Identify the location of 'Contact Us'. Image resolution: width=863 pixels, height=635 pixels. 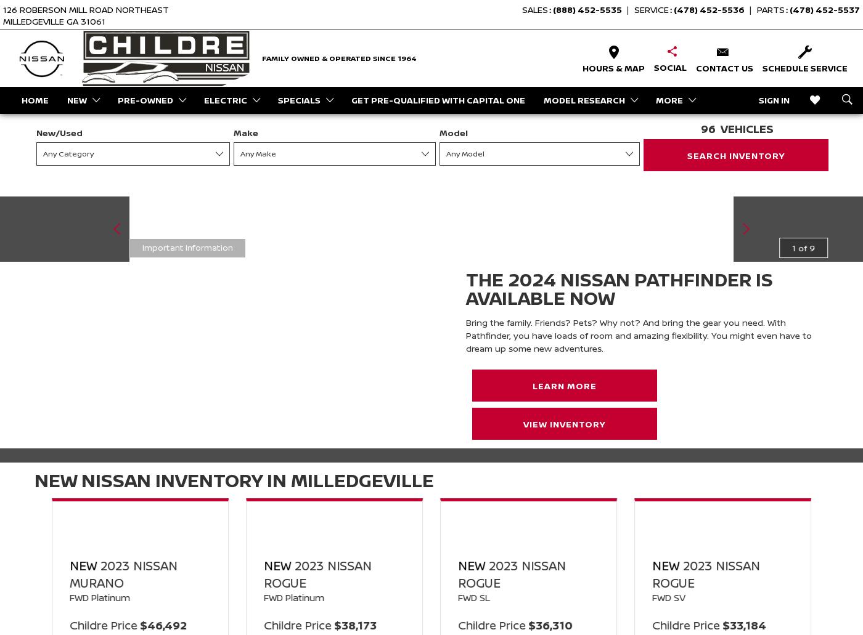
(724, 67).